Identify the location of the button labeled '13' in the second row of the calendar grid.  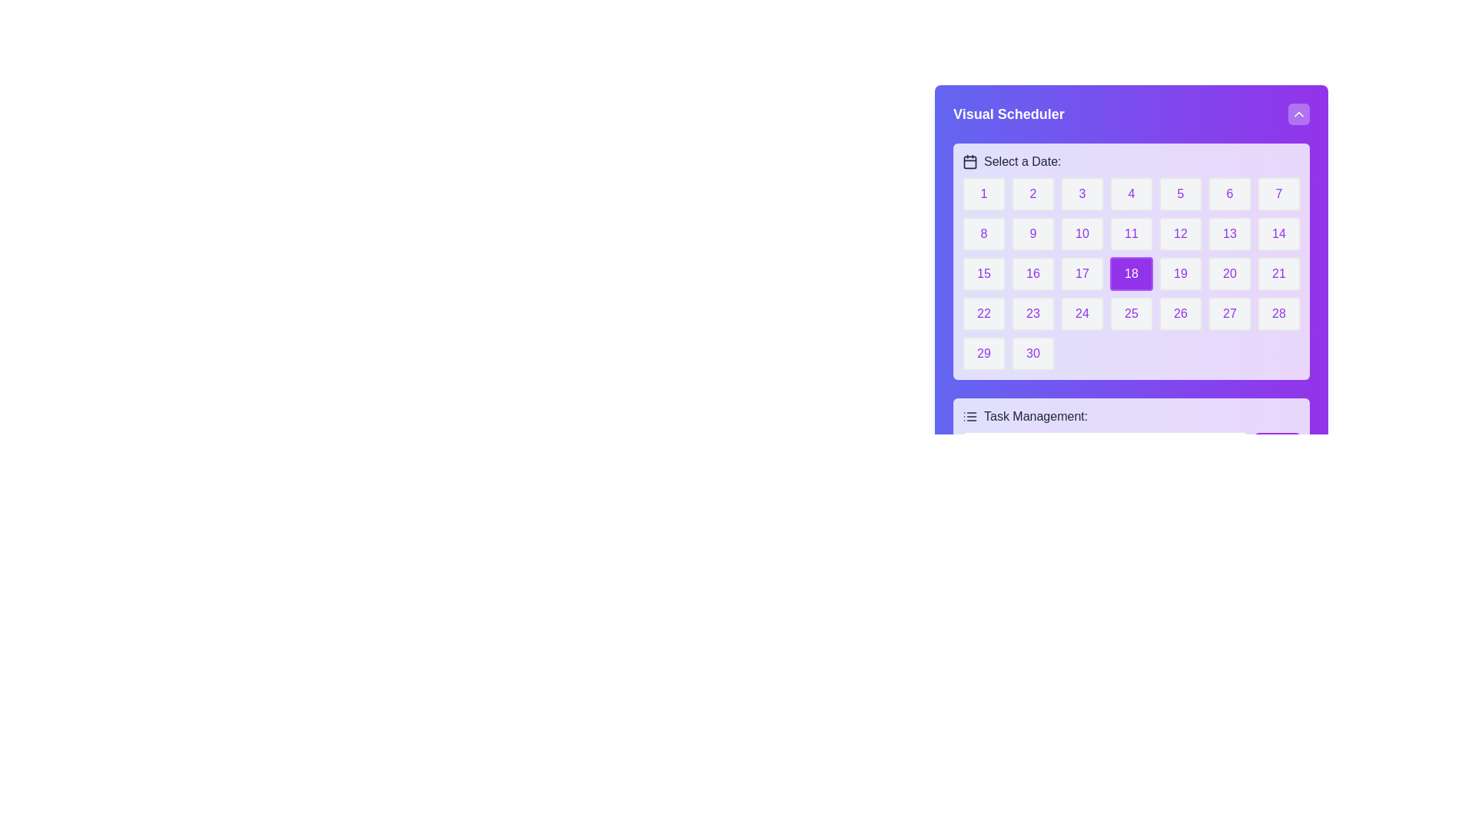
(1230, 233).